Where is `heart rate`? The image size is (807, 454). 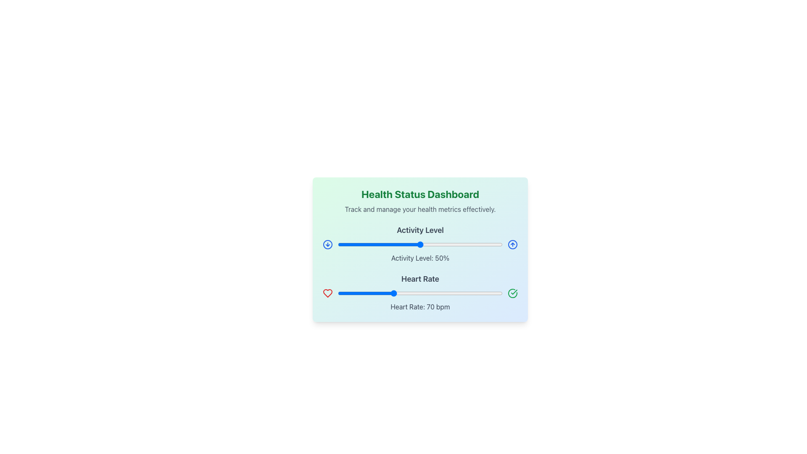 heart rate is located at coordinates (420, 293).